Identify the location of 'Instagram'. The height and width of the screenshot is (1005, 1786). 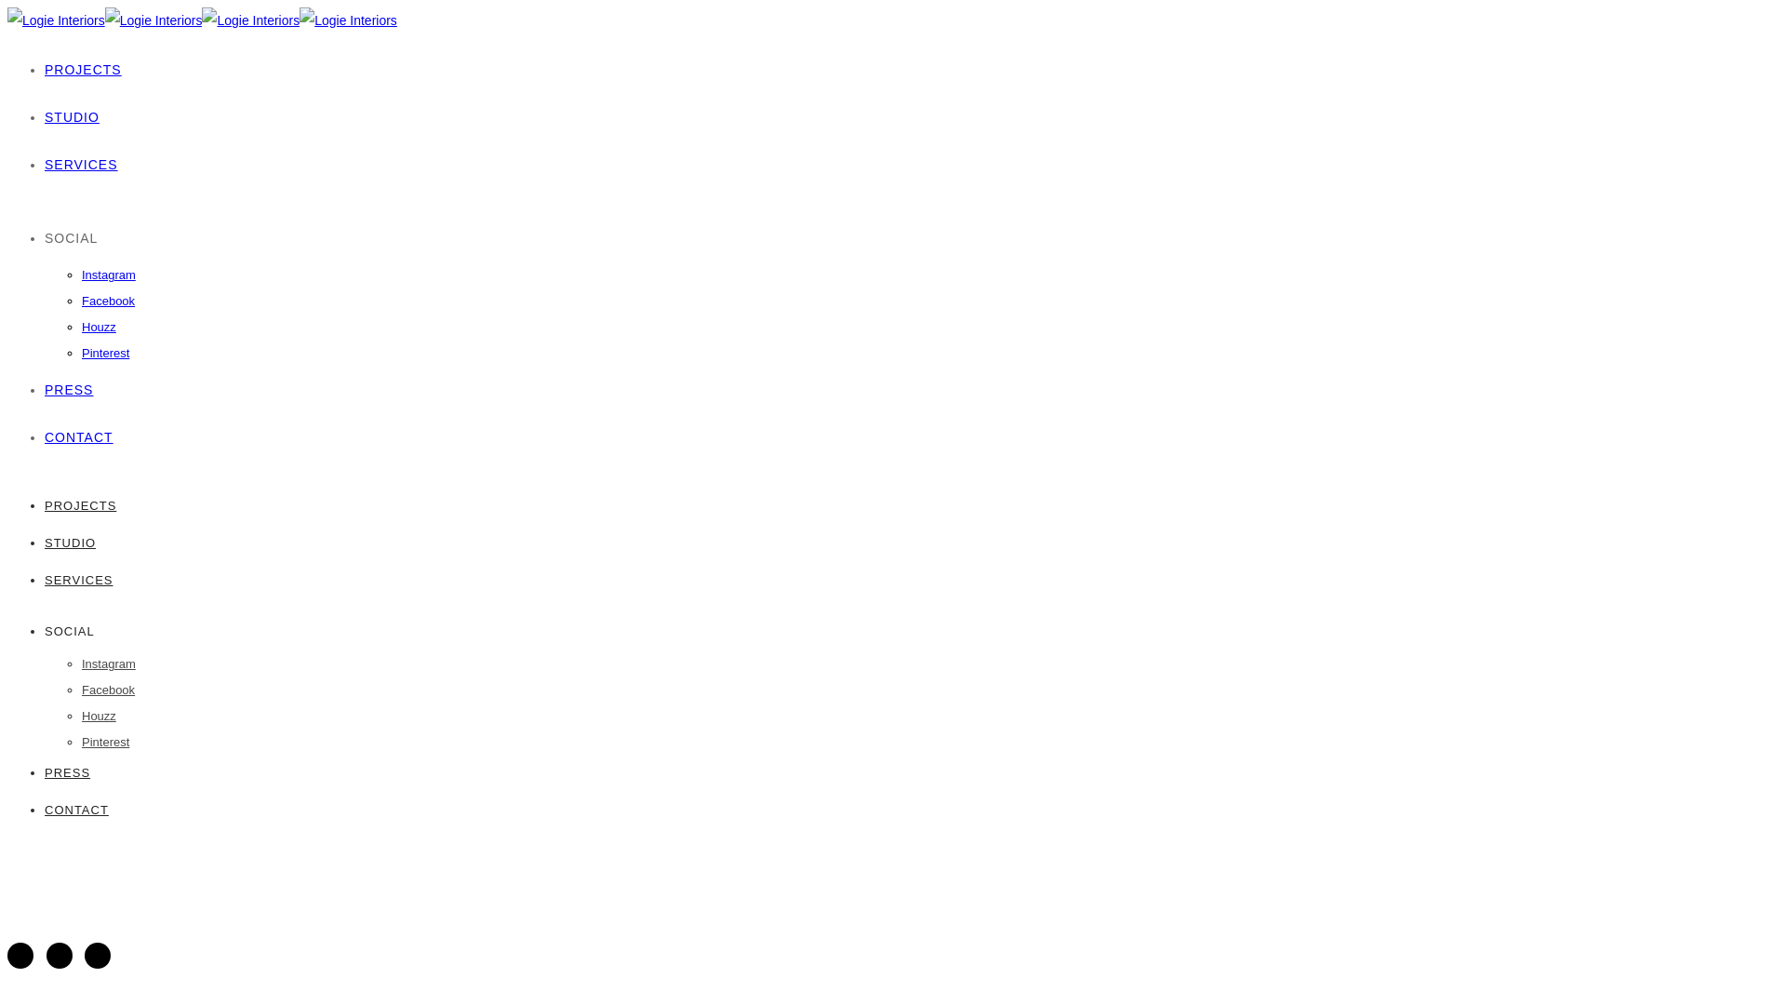
(107, 663).